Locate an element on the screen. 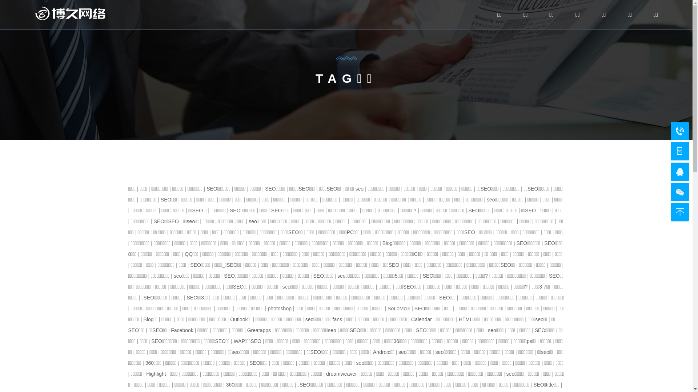  'Highlight' is located at coordinates (155, 373).